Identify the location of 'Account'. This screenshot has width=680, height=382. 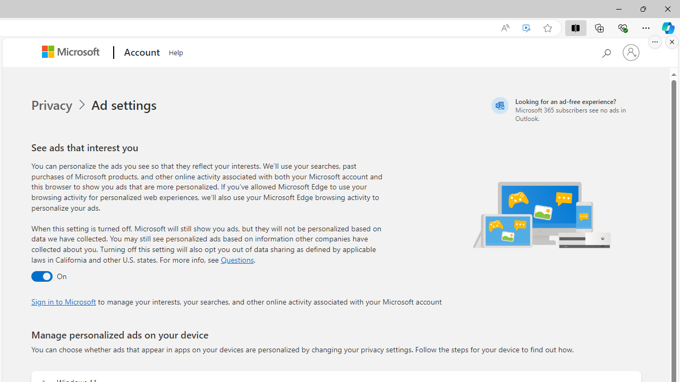
(140, 53).